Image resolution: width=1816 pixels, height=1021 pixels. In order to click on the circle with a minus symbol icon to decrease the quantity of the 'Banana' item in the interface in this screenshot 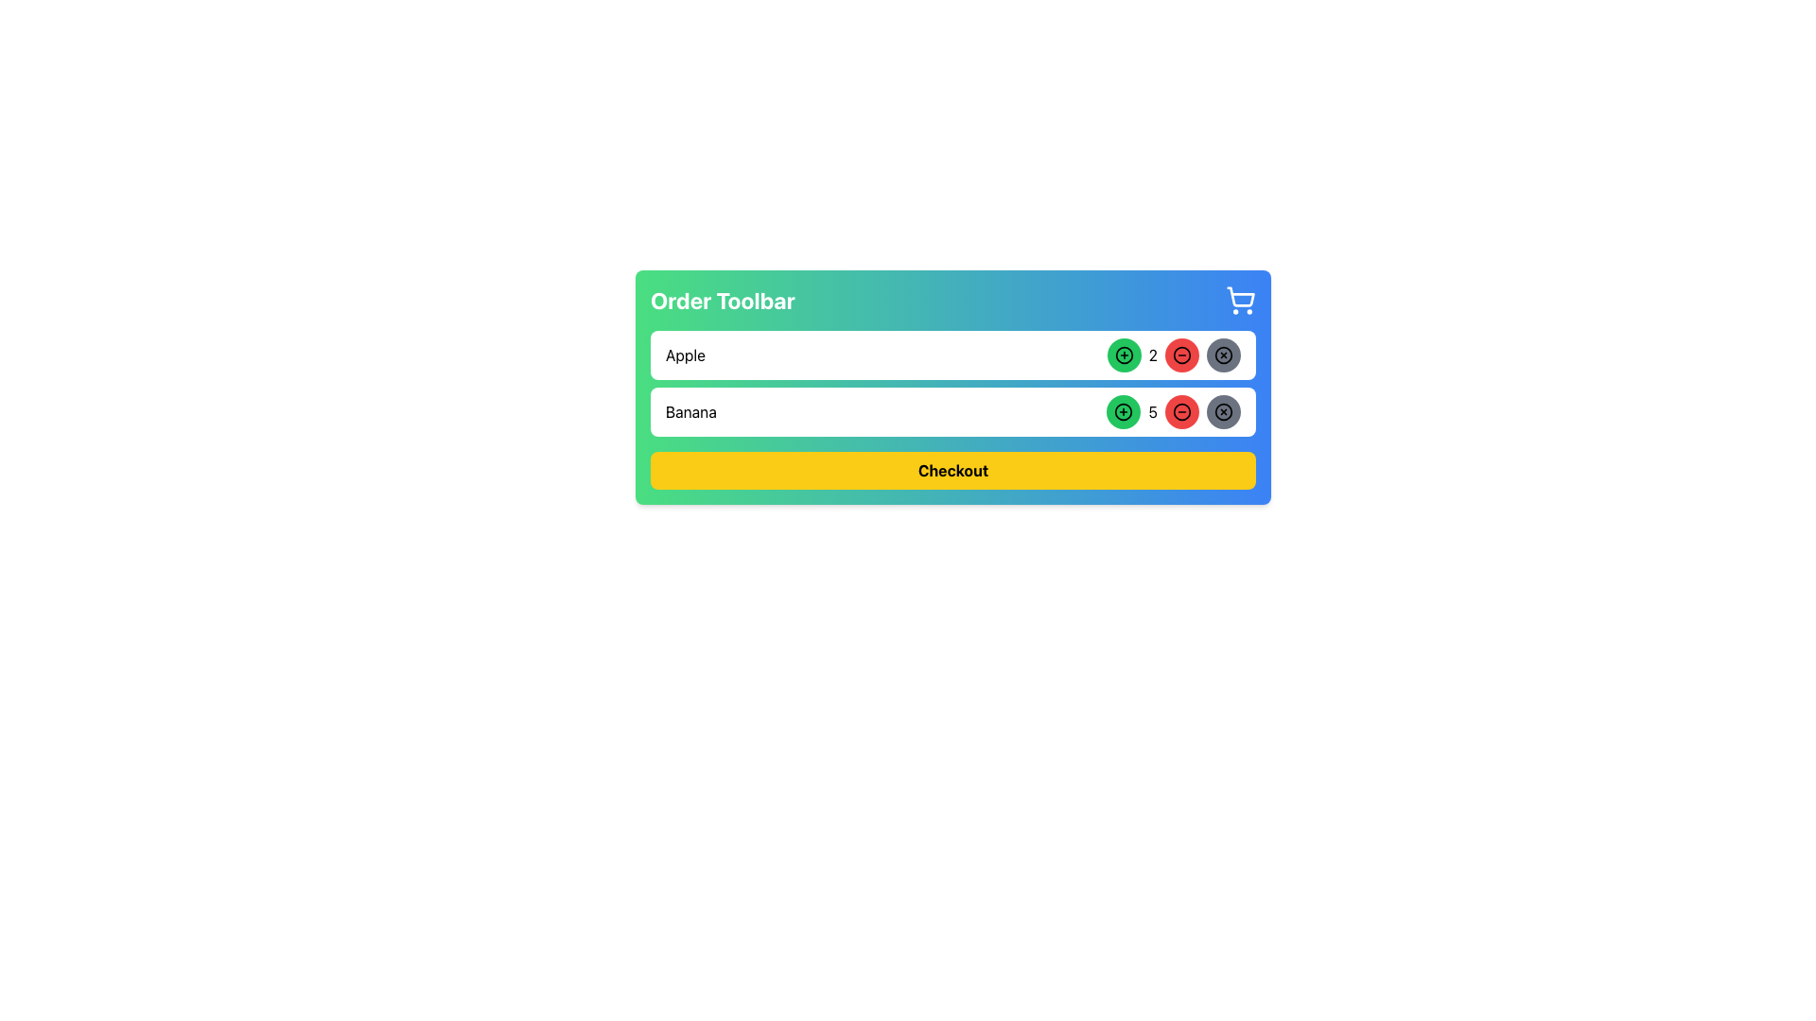, I will do `click(1180, 410)`.